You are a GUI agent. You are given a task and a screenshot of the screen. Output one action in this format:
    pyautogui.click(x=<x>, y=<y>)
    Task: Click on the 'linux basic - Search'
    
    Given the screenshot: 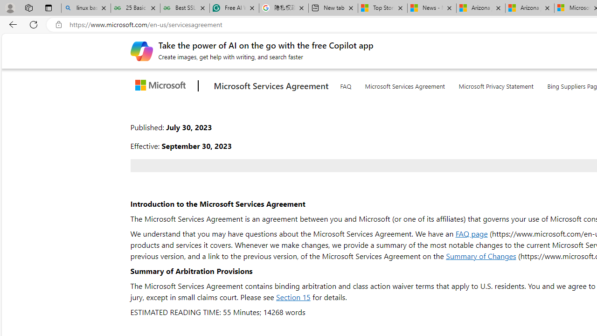 What is the action you would take?
    pyautogui.click(x=86, y=8)
    